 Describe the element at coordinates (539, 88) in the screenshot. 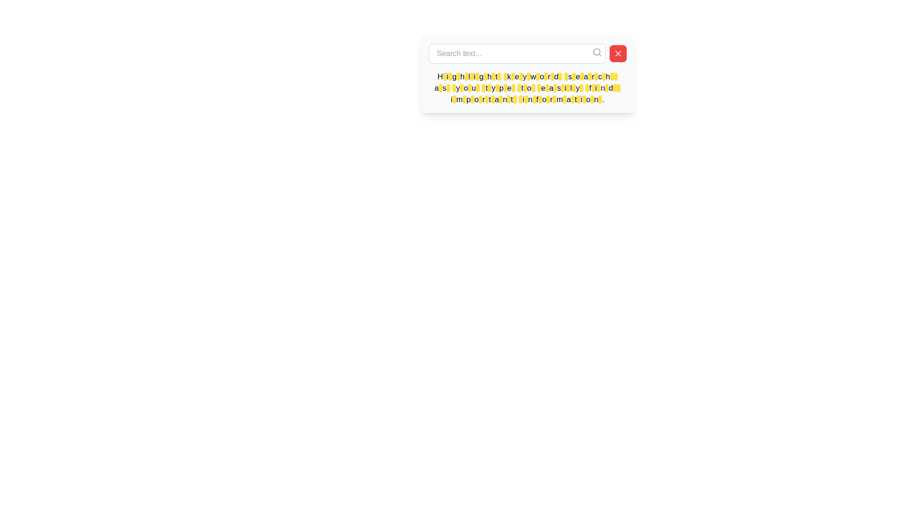

I see `the seventeenth yellow highlight overlay element that emphasizes part of the text for visual clarity` at that location.